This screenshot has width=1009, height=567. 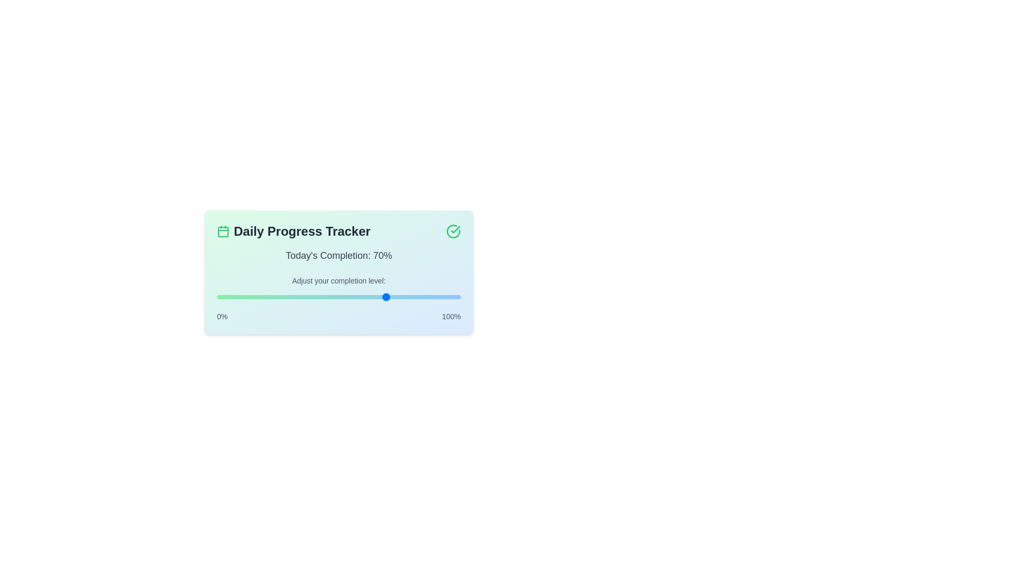 I want to click on the progress level to 22%, so click(x=271, y=297).